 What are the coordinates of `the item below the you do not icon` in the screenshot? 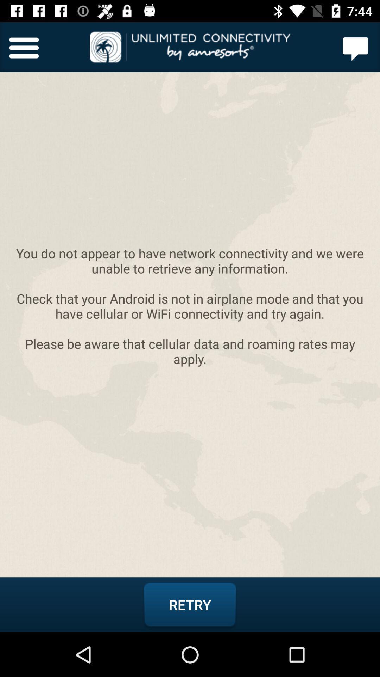 It's located at (190, 604).